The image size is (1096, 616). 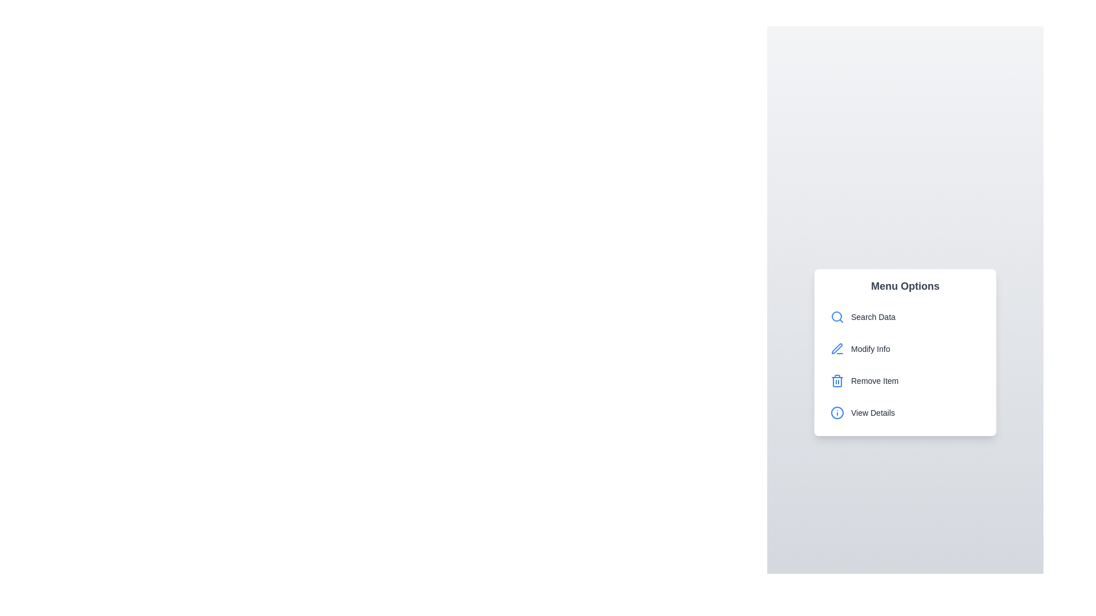 I want to click on the blue pen icon located to the left of the 'Modify Info' text in the second menu option of the 'Menu Options' panel, so click(x=837, y=348).